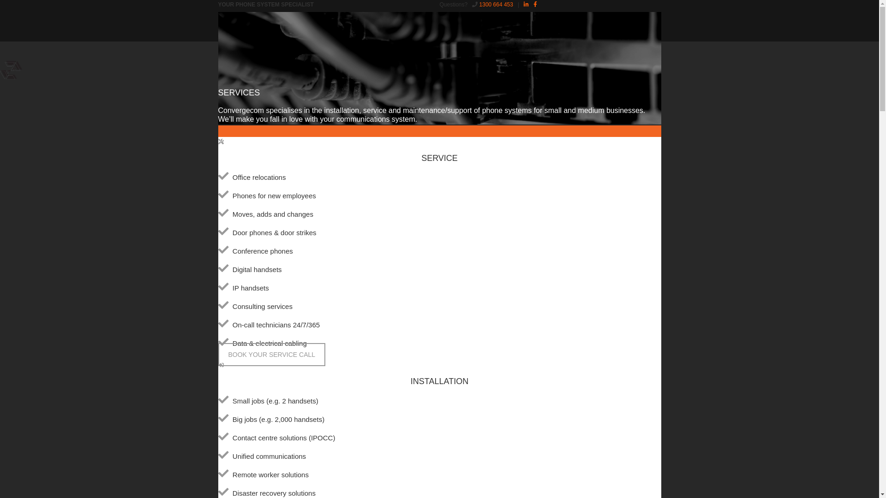 The image size is (886, 498). What do you see at coordinates (327, 48) in the screenshot?
I see `'HELP'` at bounding box center [327, 48].